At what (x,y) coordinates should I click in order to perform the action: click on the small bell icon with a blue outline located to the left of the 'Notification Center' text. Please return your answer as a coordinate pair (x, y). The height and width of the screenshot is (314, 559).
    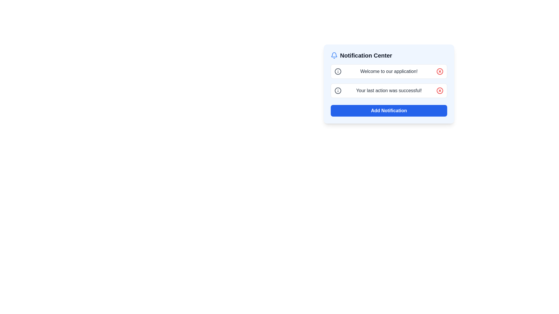
    Looking at the image, I should click on (334, 56).